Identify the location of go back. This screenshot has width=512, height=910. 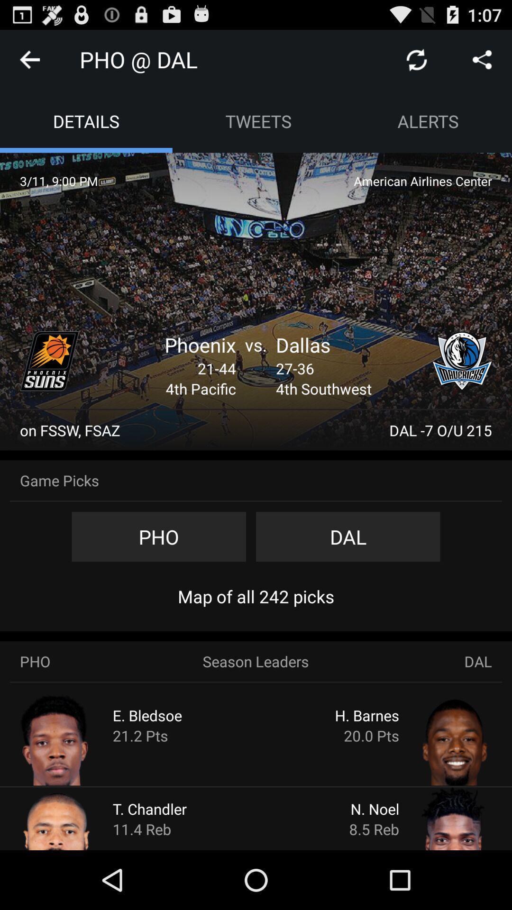
(29, 59).